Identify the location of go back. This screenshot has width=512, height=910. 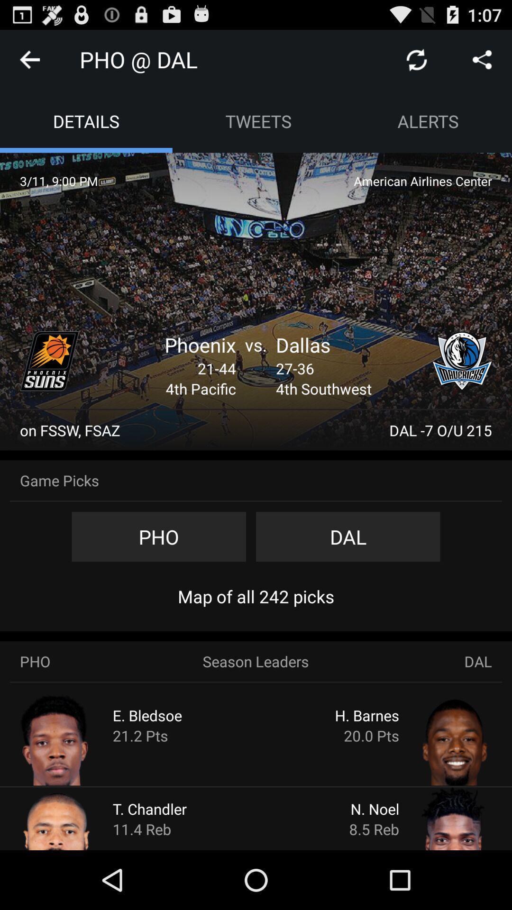
(29, 59).